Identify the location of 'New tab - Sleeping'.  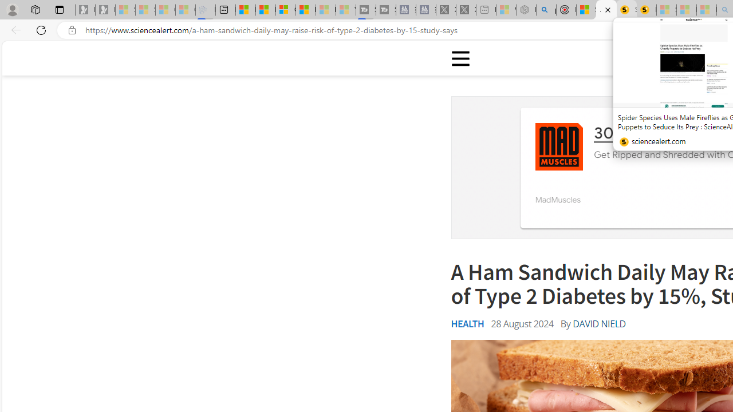
(486, 10).